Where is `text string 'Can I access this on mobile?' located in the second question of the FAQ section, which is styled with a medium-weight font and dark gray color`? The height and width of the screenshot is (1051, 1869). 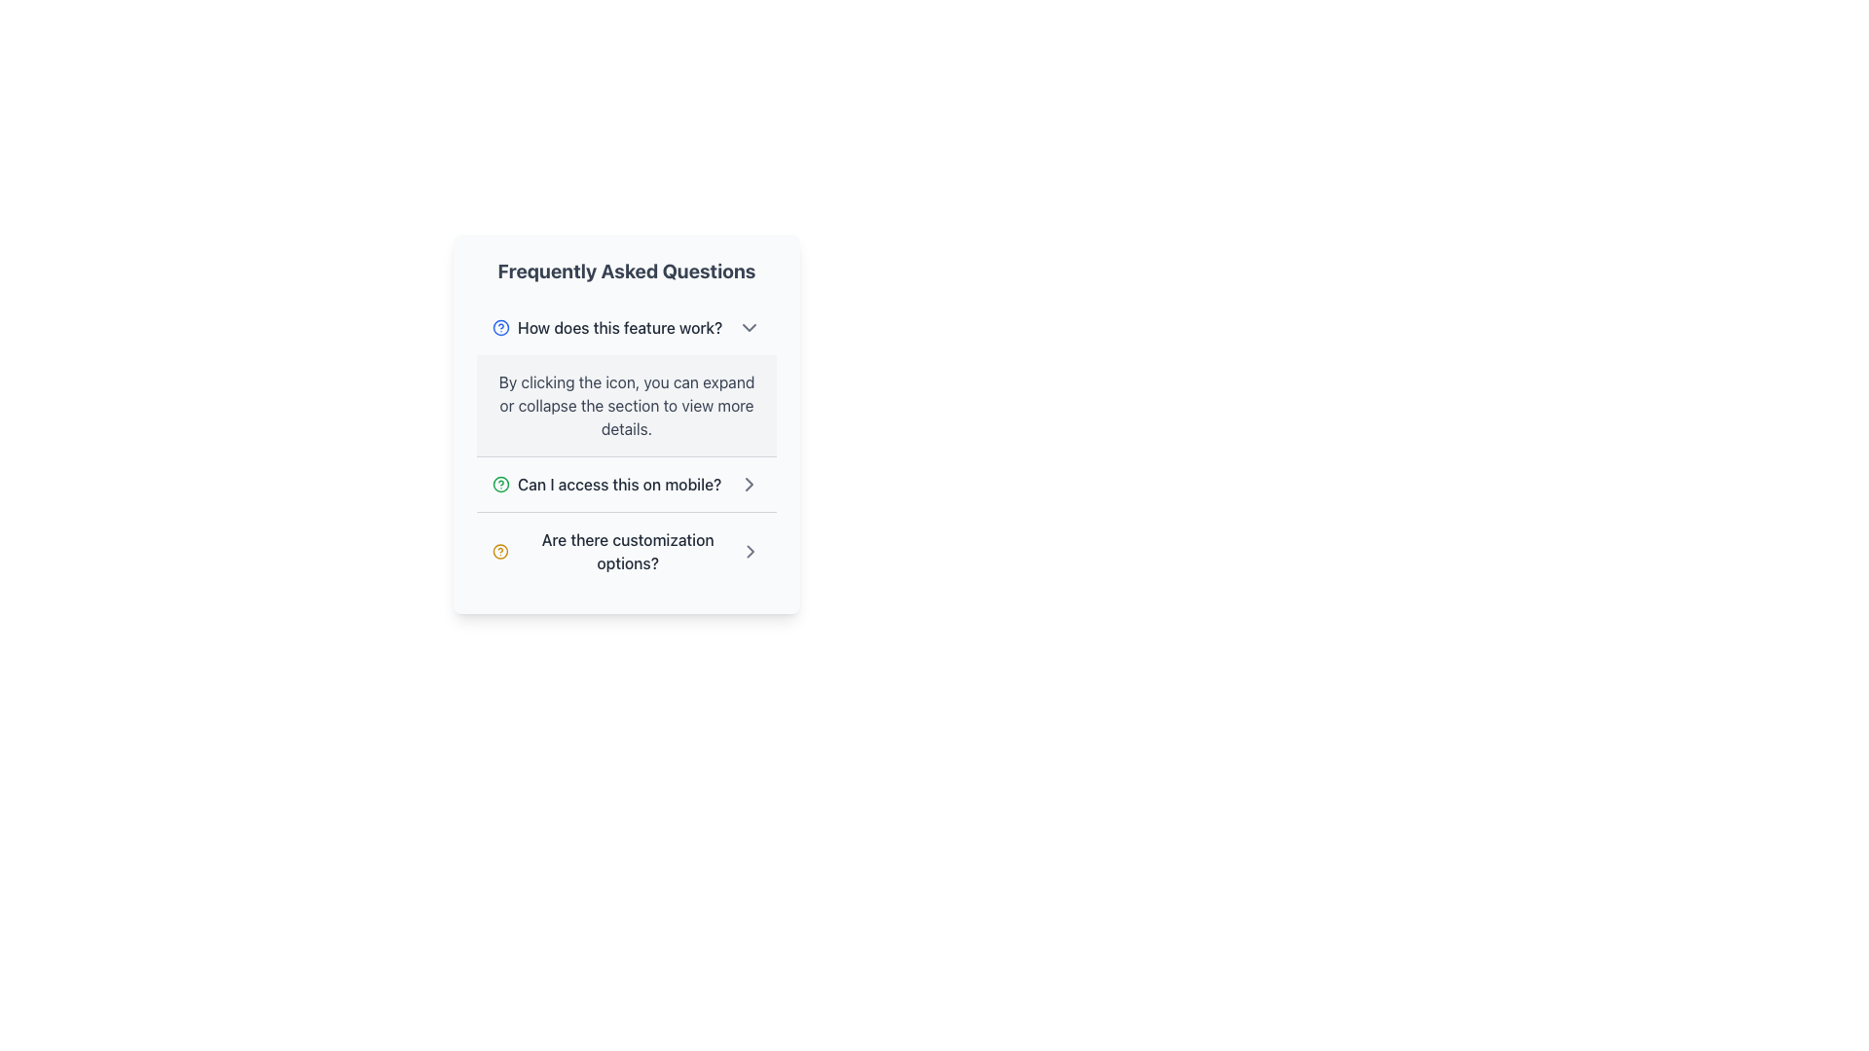 text string 'Can I access this on mobile?' located in the second question of the FAQ section, which is styled with a medium-weight font and dark gray color is located at coordinates (618, 483).